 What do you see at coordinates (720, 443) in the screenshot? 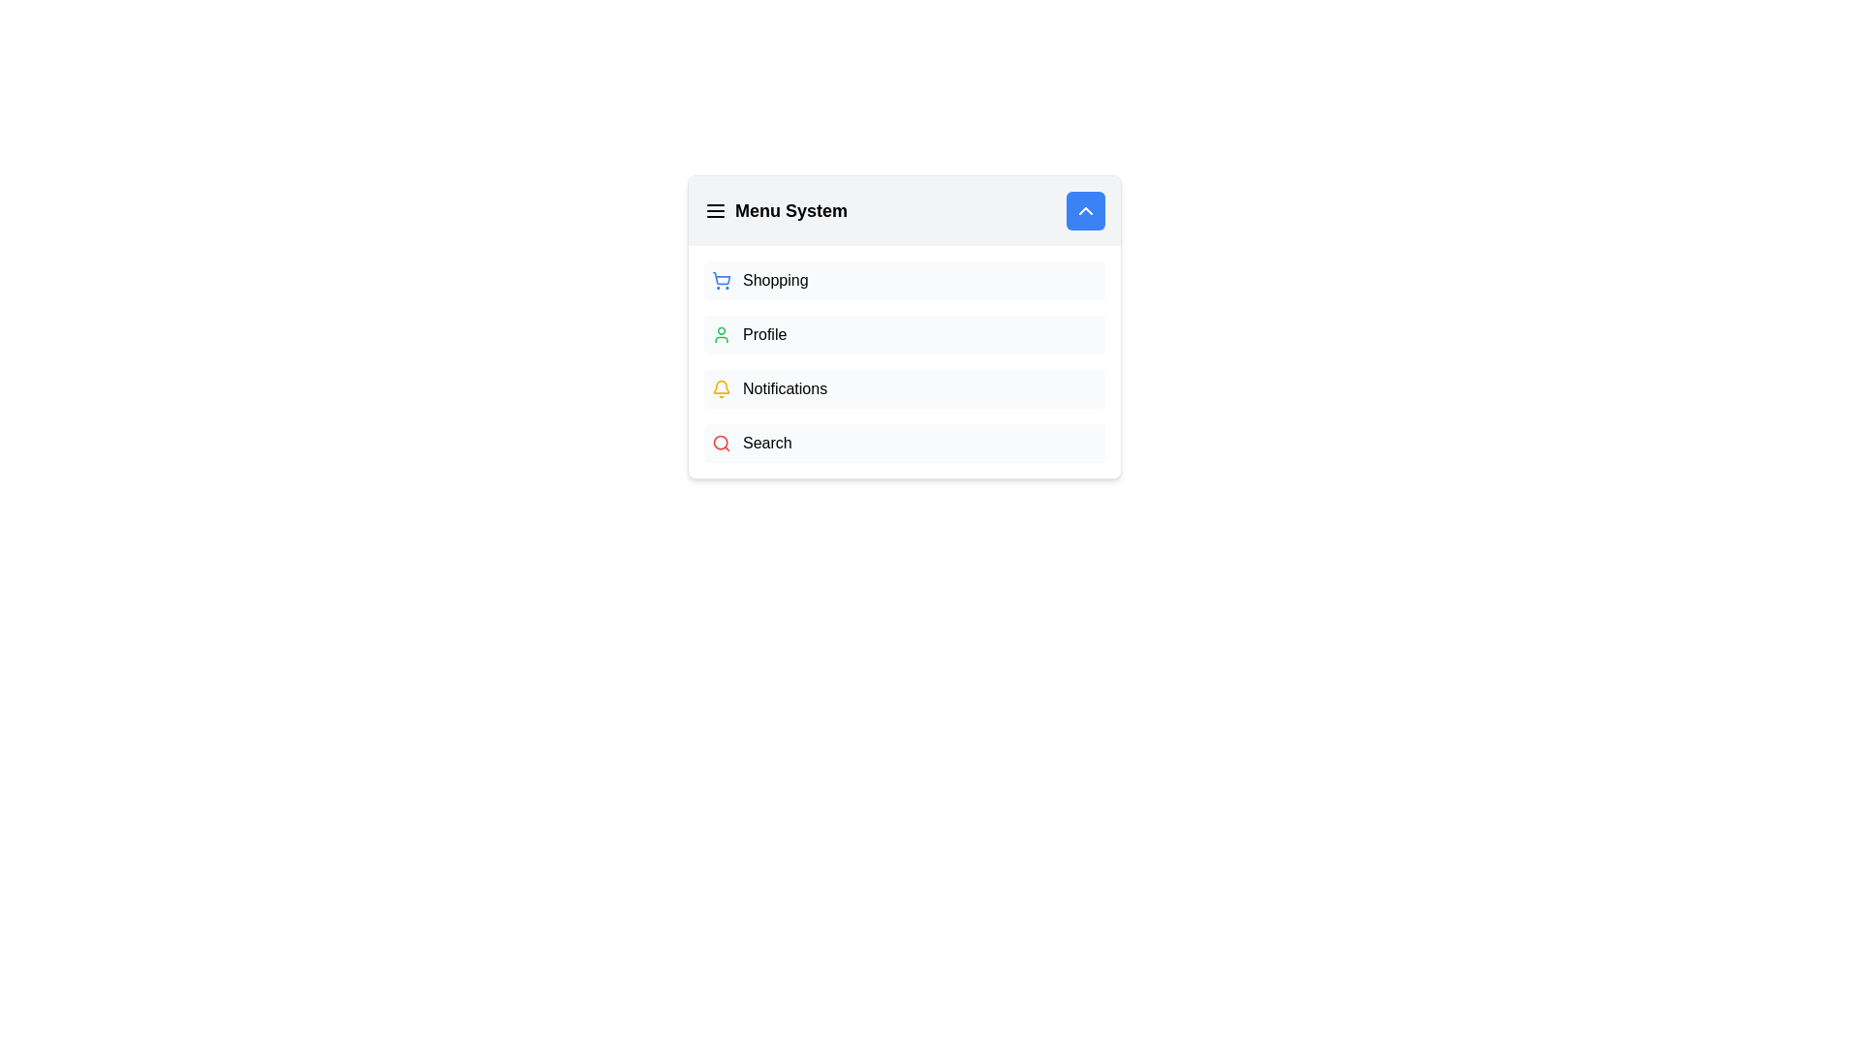
I see `the Decorative UI element (circle) that is part of the 'Search' icon located in the lower section of the menu, slightly to the left of the 'Search' label text` at bounding box center [720, 443].